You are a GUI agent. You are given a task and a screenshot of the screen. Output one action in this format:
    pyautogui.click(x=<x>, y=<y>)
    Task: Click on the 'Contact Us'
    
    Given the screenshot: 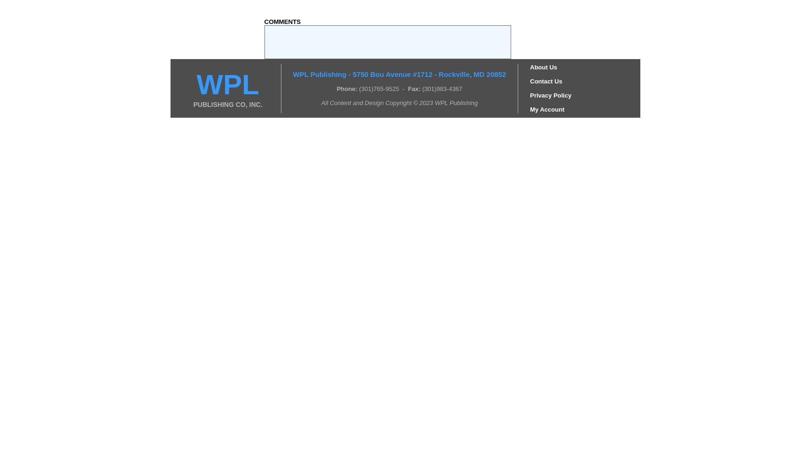 What is the action you would take?
    pyautogui.click(x=545, y=81)
    